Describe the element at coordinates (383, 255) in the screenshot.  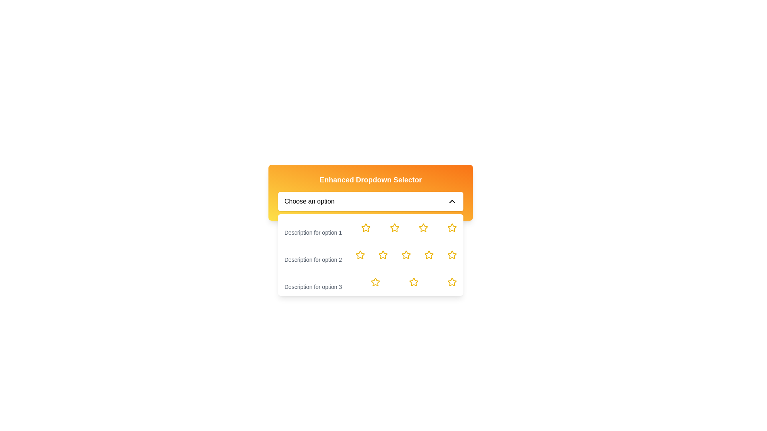
I see `the third star icon in the rating system associated with 'Option 2'` at that location.